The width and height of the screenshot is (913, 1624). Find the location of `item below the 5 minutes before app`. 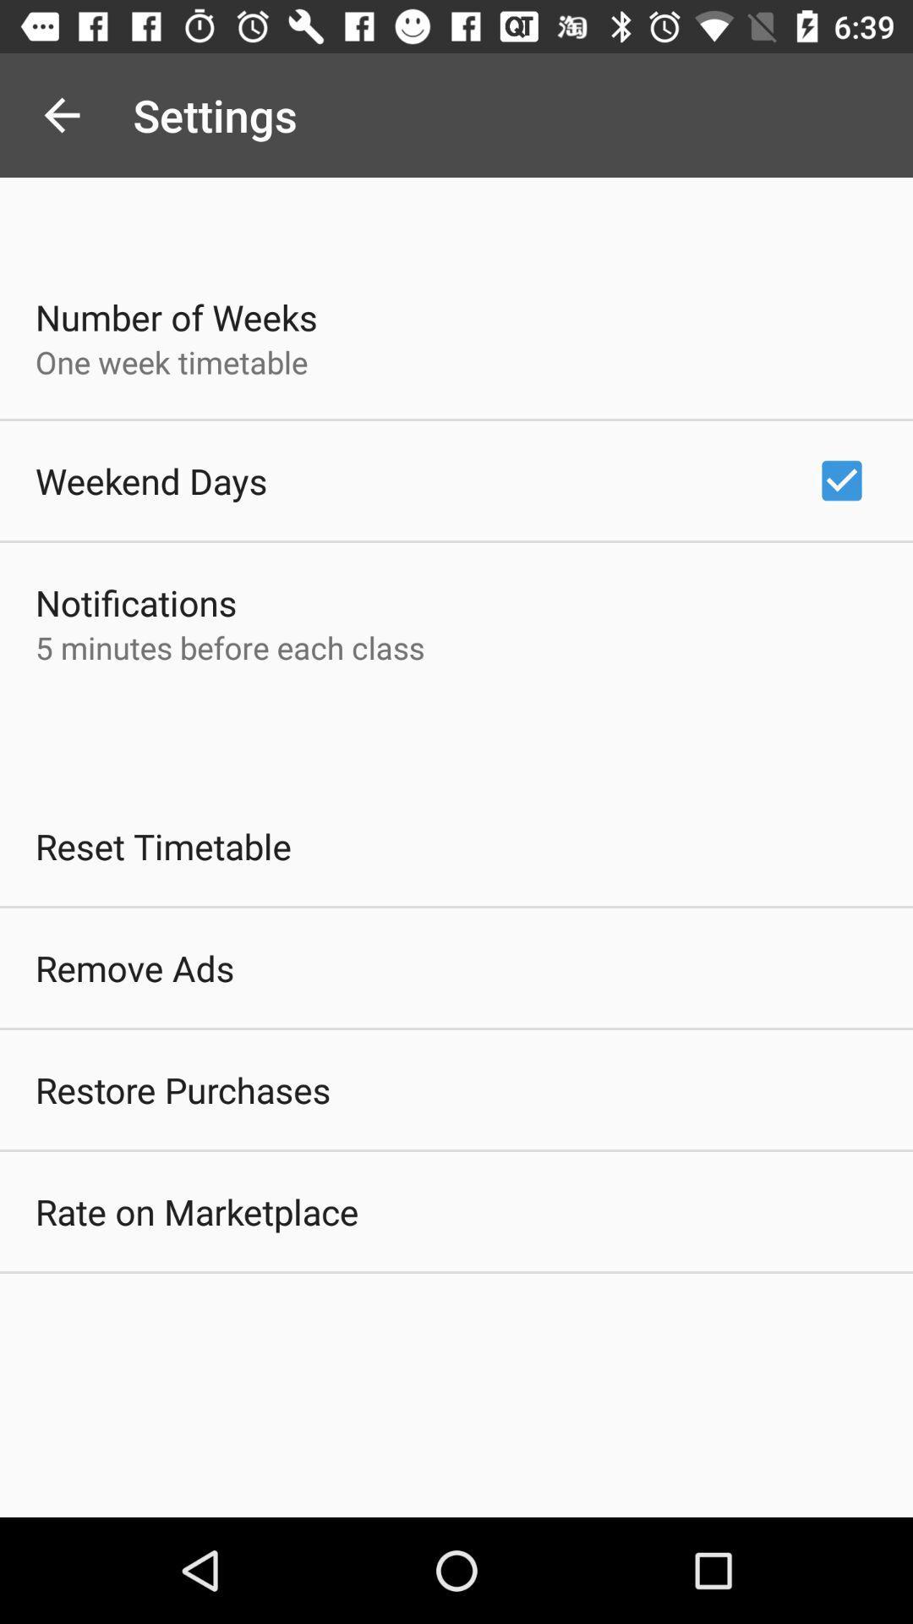

item below the 5 minutes before app is located at coordinates (163, 846).